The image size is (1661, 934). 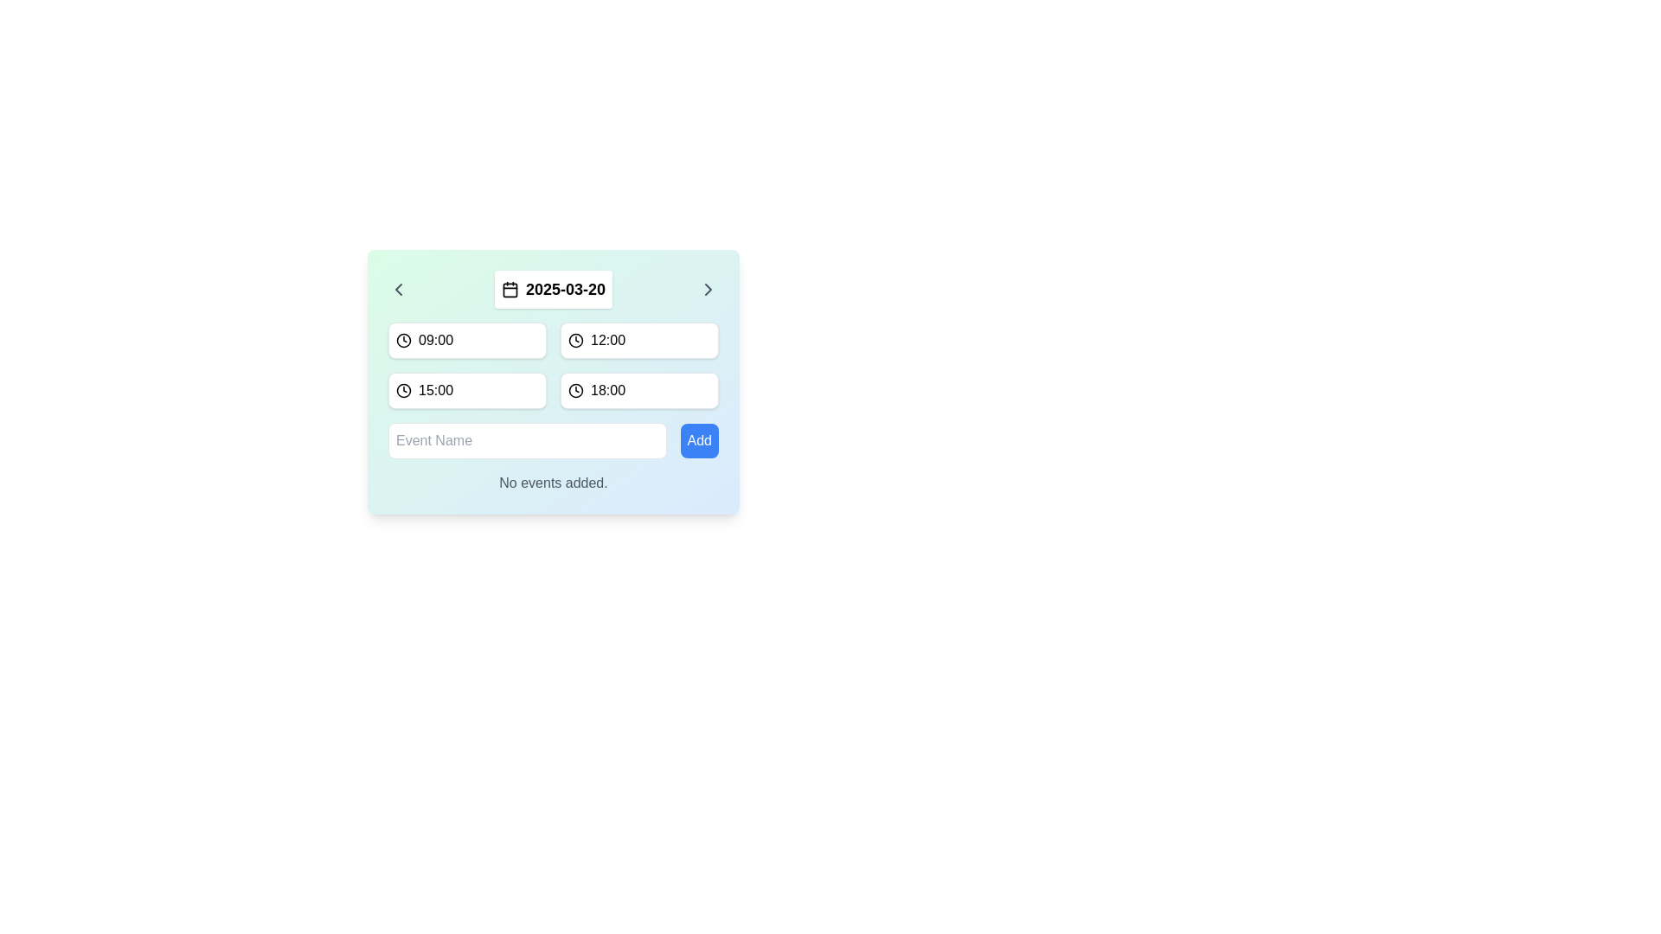 I want to click on the time selection icon located to the left of the '12:00' text in the scheduled times card, so click(x=576, y=340).